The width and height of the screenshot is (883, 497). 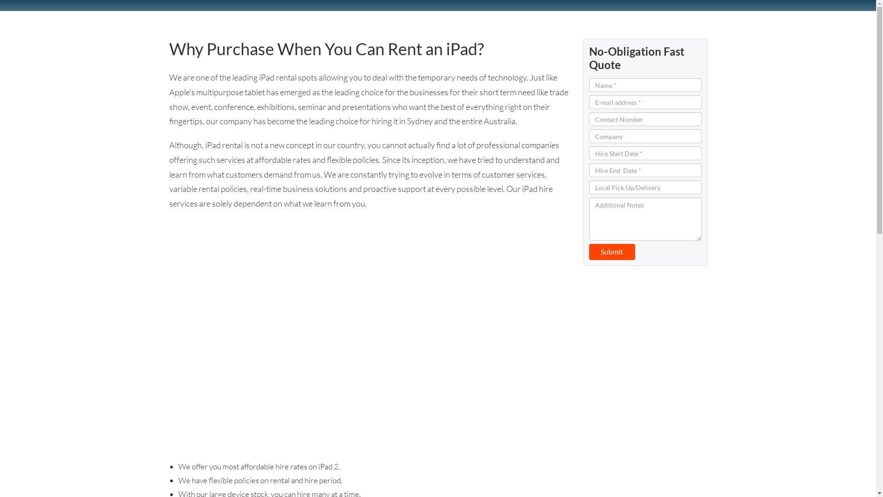 What do you see at coordinates (611, 252) in the screenshot?
I see `'Submit'` at bounding box center [611, 252].